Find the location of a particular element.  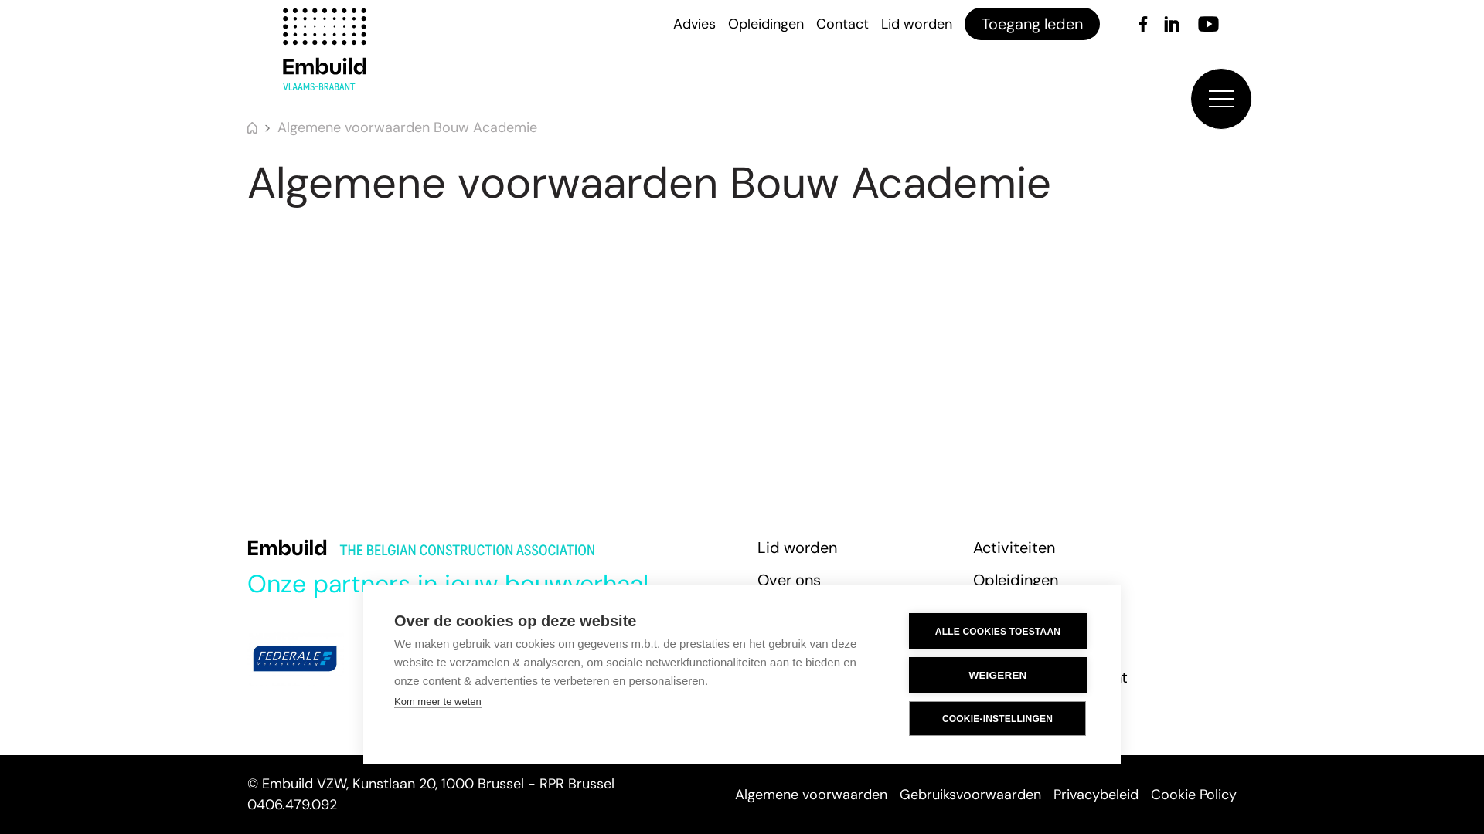

'COOKIE-INSTELLINGEN' is located at coordinates (997, 718).